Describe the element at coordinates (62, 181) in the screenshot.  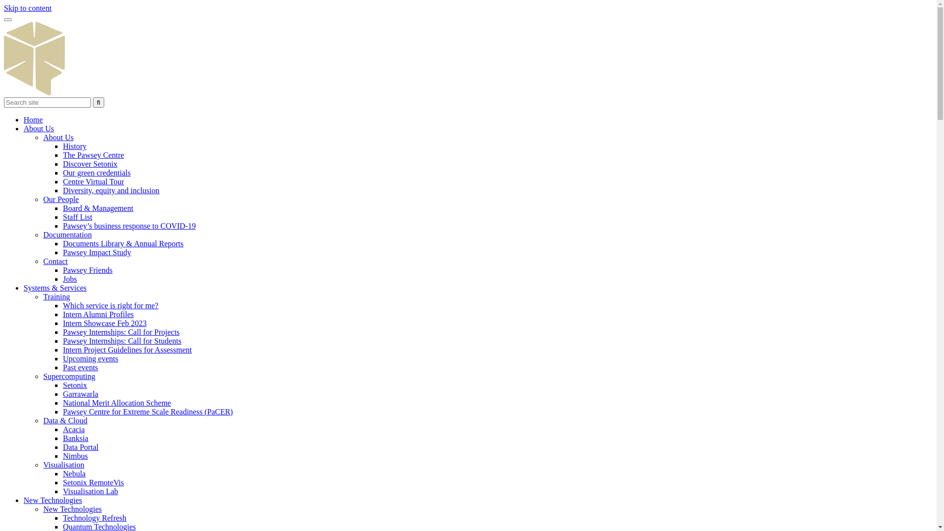
I see `'Centre Virtual Tour'` at that location.